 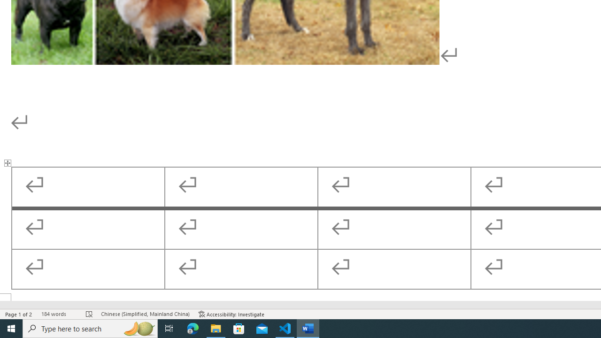 I want to click on 'Page Number Page 1 of 2', so click(x=19, y=314).